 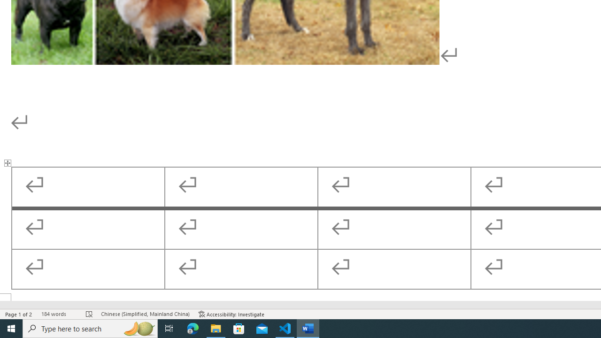 I want to click on 'Page Number Page 1 of 2', so click(x=19, y=314).